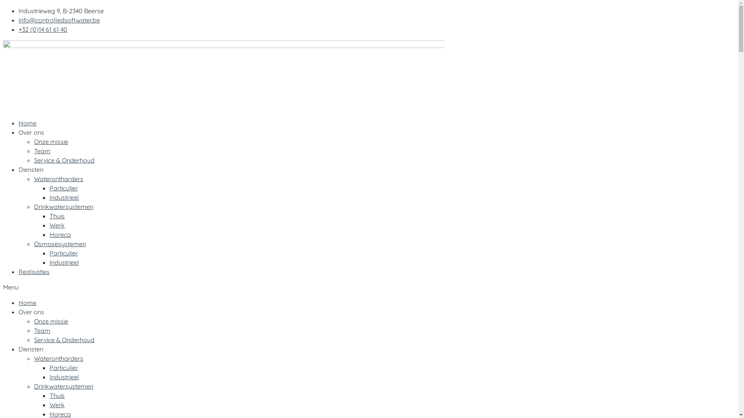 The width and height of the screenshot is (744, 418). What do you see at coordinates (42, 29) in the screenshot?
I see `'+32 (0)14 61 61 40'` at bounding box center [42, 29].